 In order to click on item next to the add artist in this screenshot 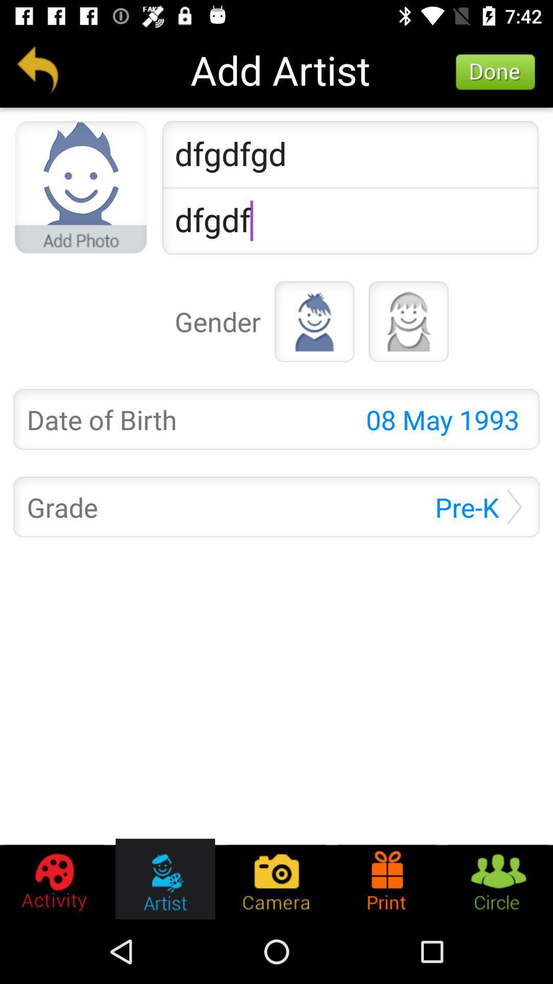, I will do `click(495, 72)`.